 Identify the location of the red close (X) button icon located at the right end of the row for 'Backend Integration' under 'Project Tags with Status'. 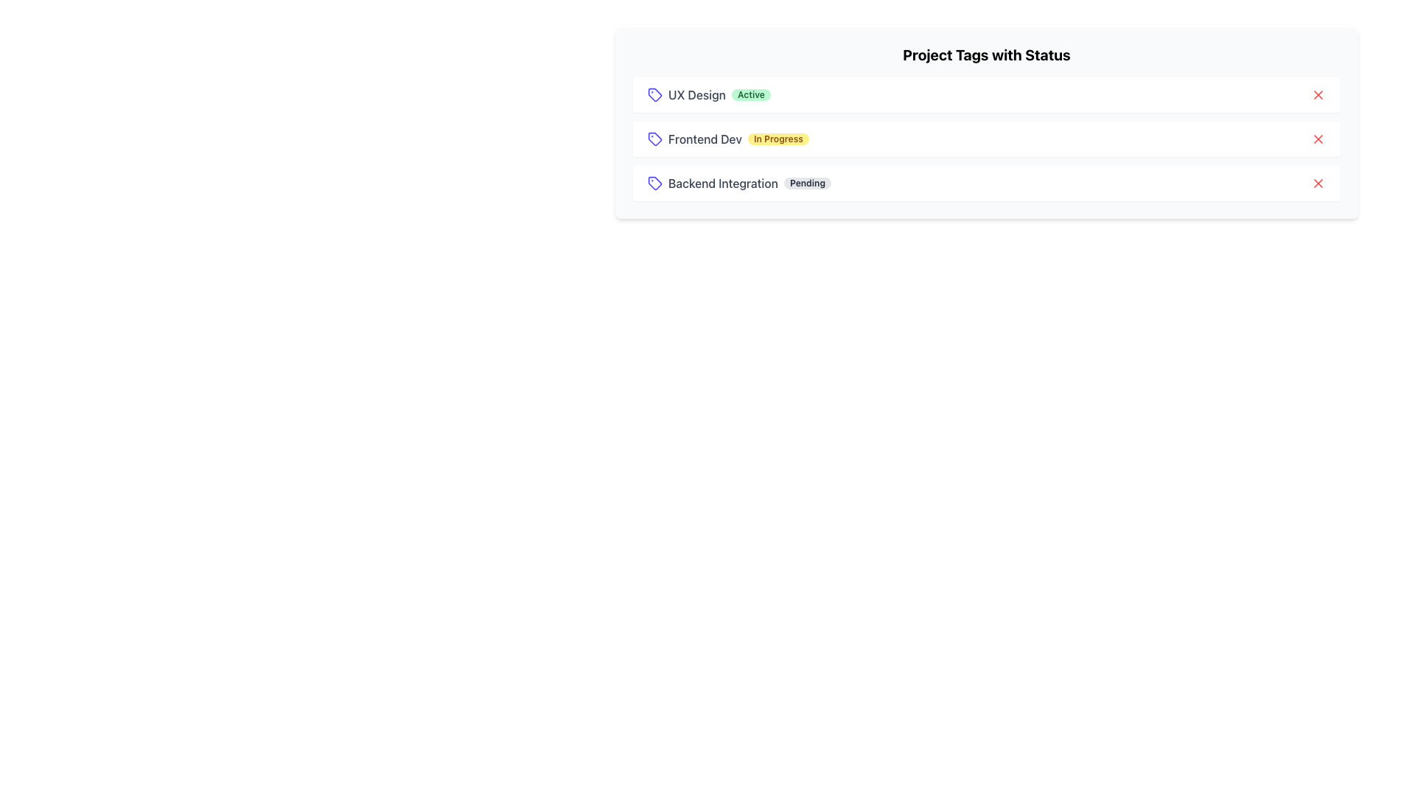
(1318, 183).